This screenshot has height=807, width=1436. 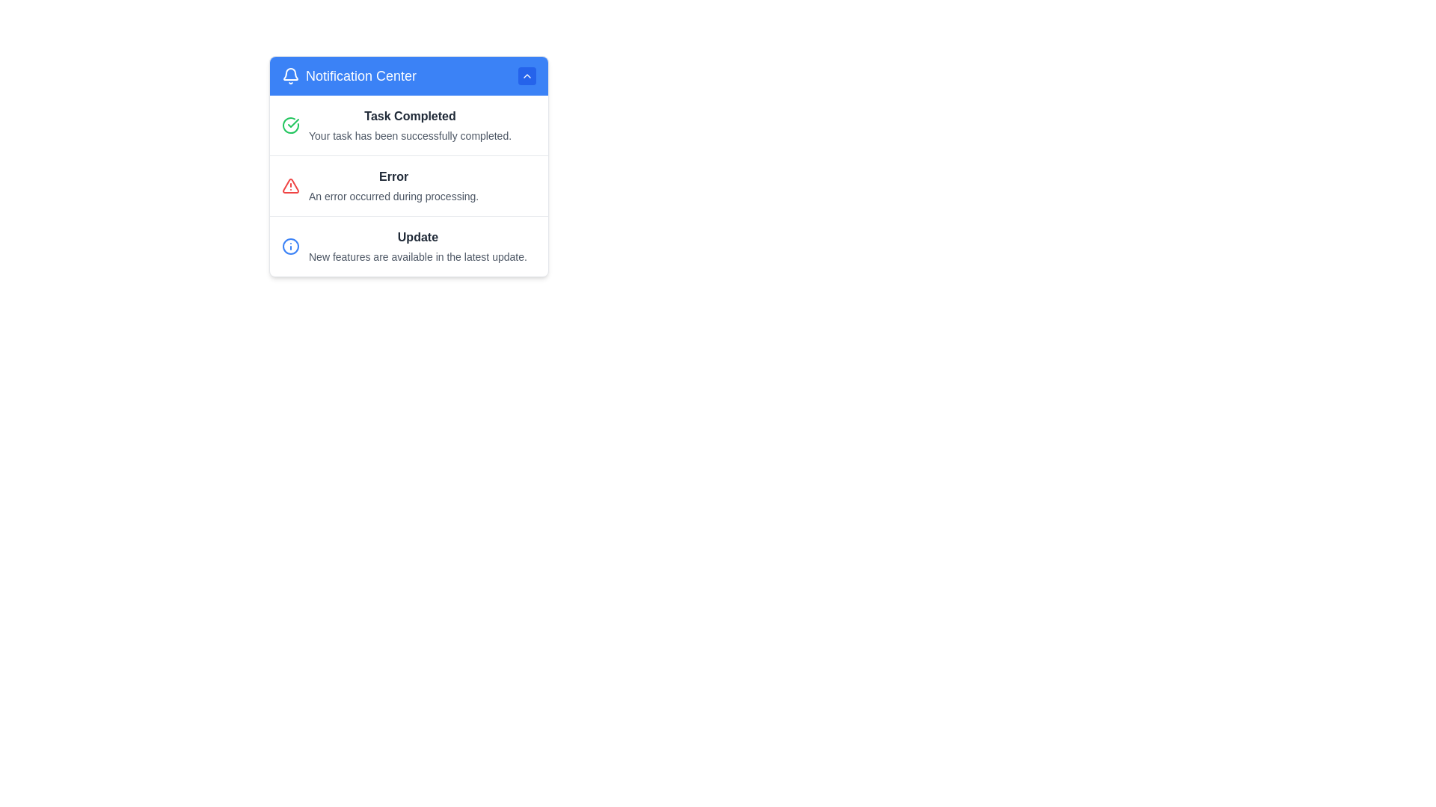 I want to click on error notification message located in the Notification Center, which is the second entry between 'Task Completed' and 'Update', so click(x=393, y=185).